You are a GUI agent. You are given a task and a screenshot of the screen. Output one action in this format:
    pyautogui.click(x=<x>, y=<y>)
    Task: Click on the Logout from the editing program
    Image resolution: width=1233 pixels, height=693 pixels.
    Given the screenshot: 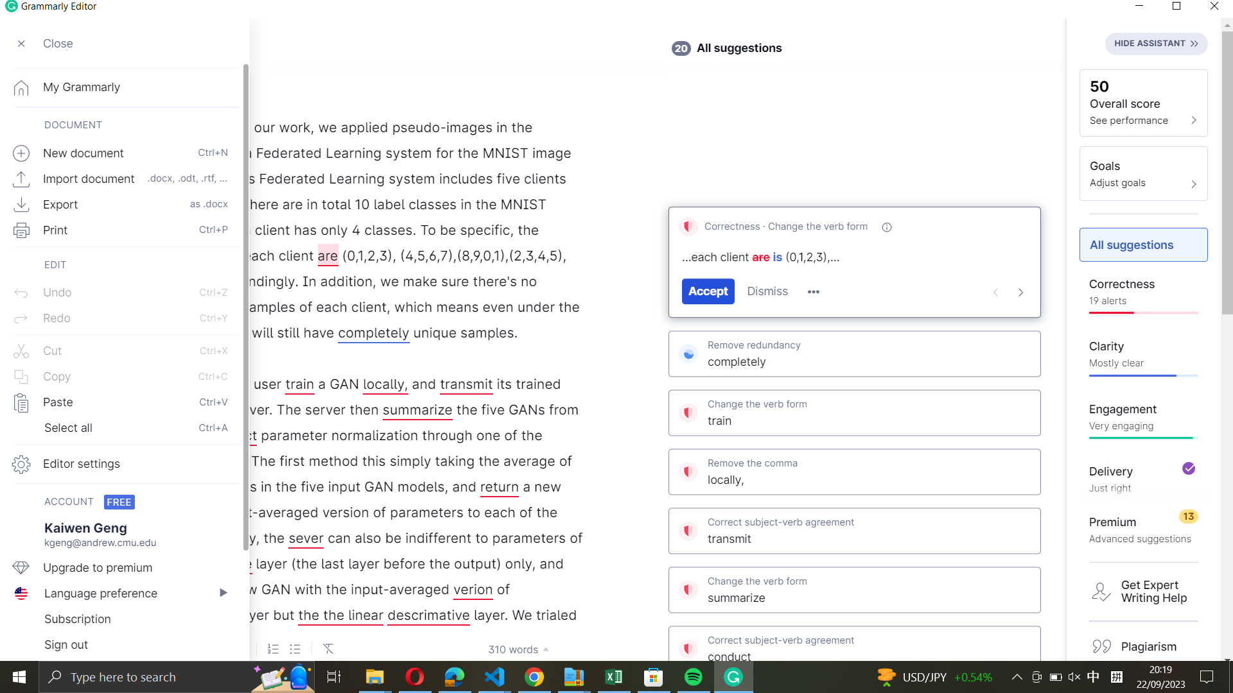 What is the action you would take?
    pyautogui.click(x=124, y=646)
    